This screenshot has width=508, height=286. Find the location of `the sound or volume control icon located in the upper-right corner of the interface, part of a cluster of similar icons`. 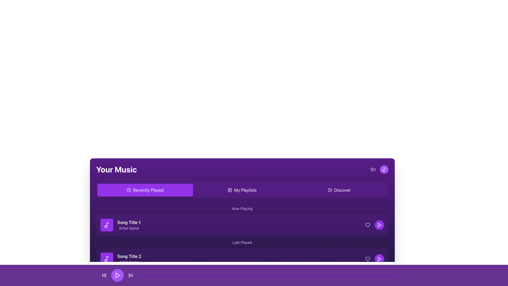

the sound or volume control icon located in the upper-right corner of the interface, part of a cluster of similar icons is located at coordinates (371, 169).